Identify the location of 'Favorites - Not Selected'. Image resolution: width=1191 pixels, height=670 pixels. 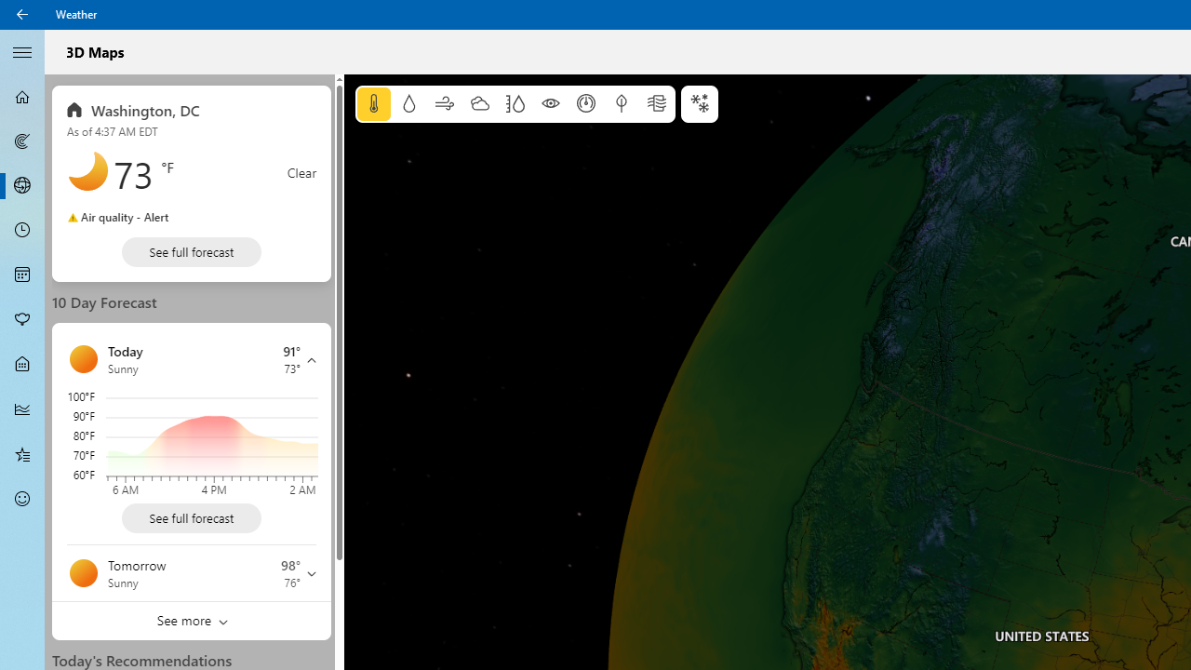
(22, 453).